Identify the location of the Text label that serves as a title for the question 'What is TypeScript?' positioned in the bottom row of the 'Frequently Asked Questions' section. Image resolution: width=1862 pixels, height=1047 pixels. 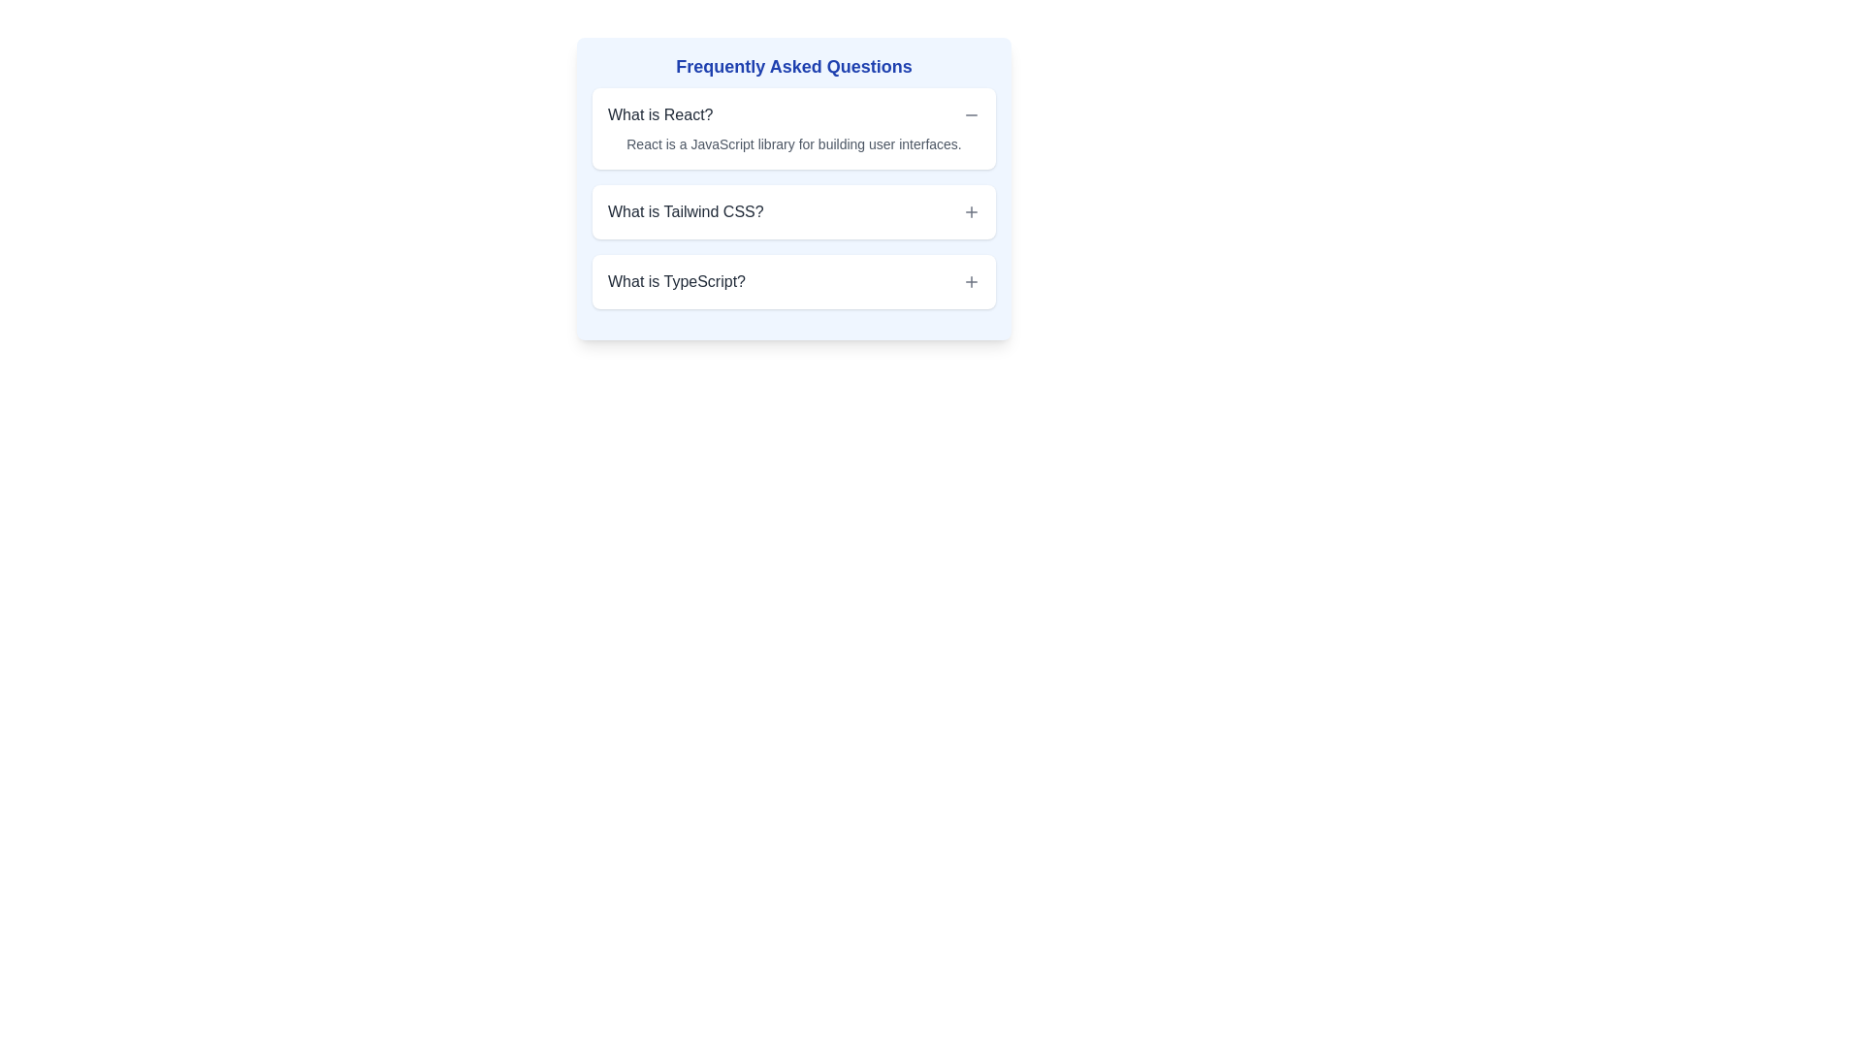
(676, 281).